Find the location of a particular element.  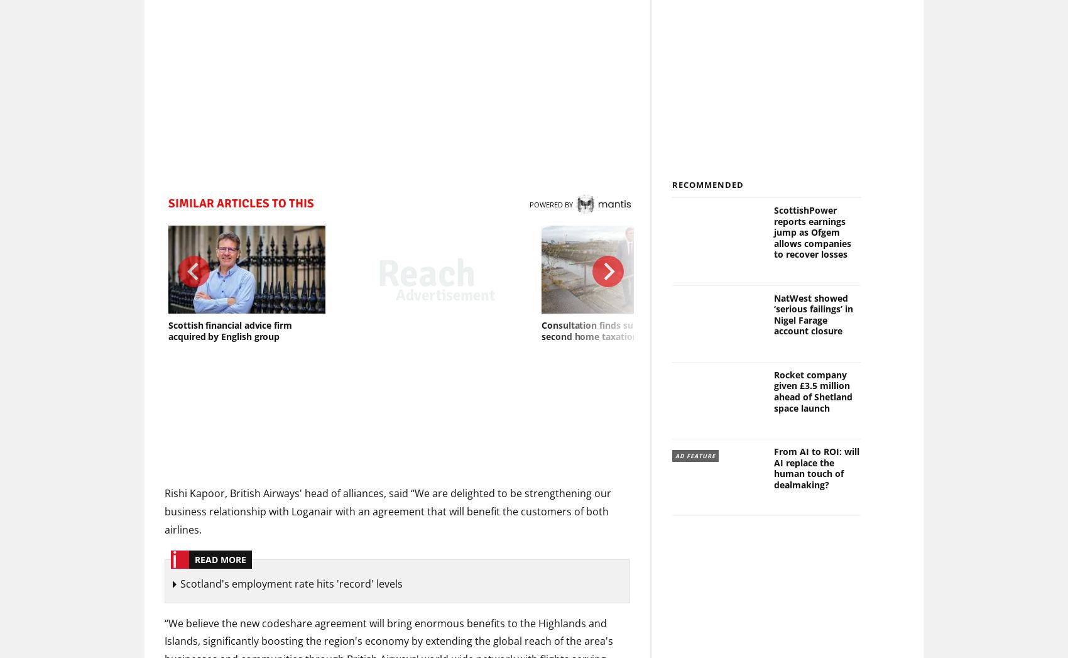

'Rishi Kapoor, British Airways' head of alliances, said “We are delighted to be strengthening our business relationship with Loganair with an agreement that will benefit the customers of both airlines.' is located at coordinates (387, 511).